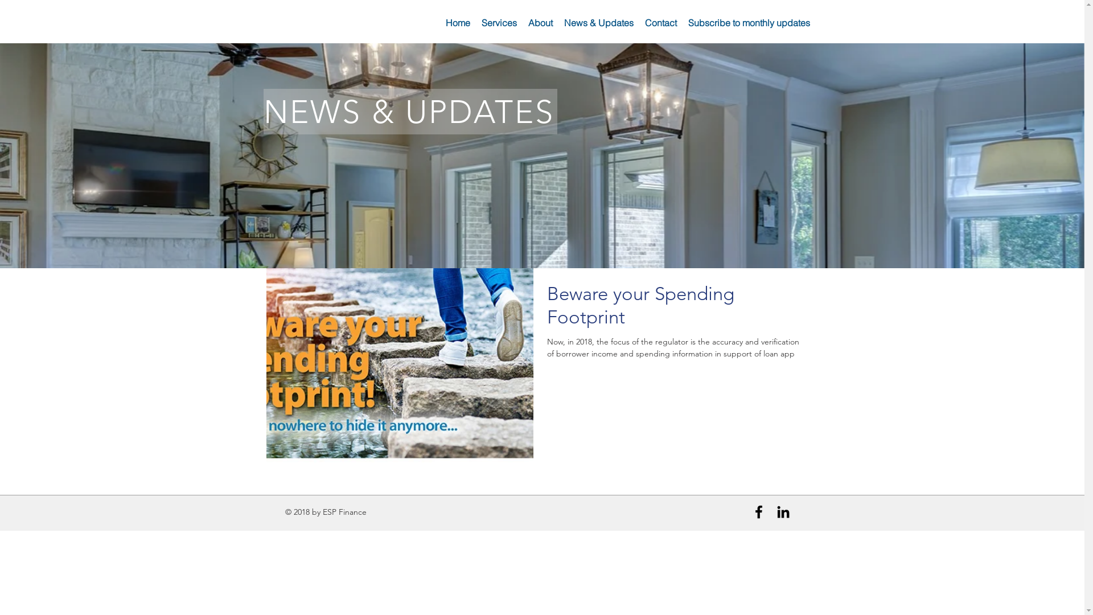 The image size is (1093, 615). Describe the element at coordinates (457, 22) in the screenshot. I see `'Home'` at that location.